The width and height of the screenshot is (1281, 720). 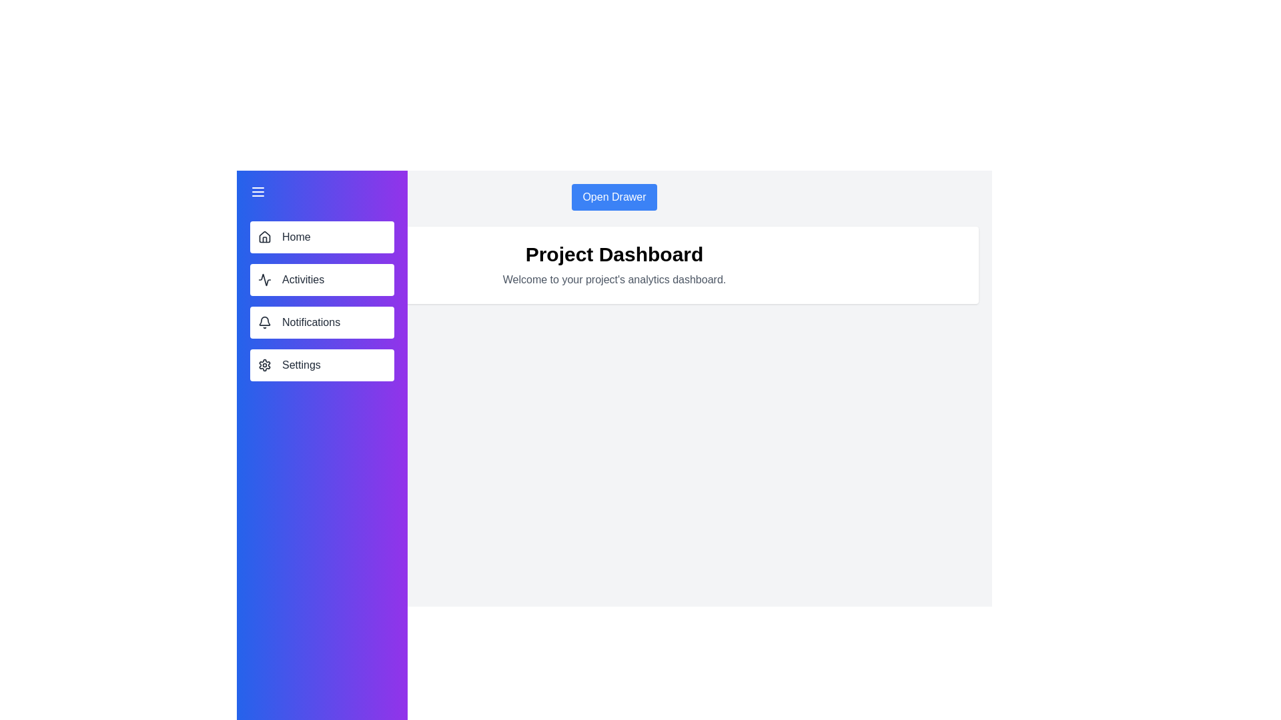 What do you see at coordinates (322, 236) in the screenshot?
I see `the menu item labeled Home to navigate to the corresponding section` at bounding box center [322, 236].